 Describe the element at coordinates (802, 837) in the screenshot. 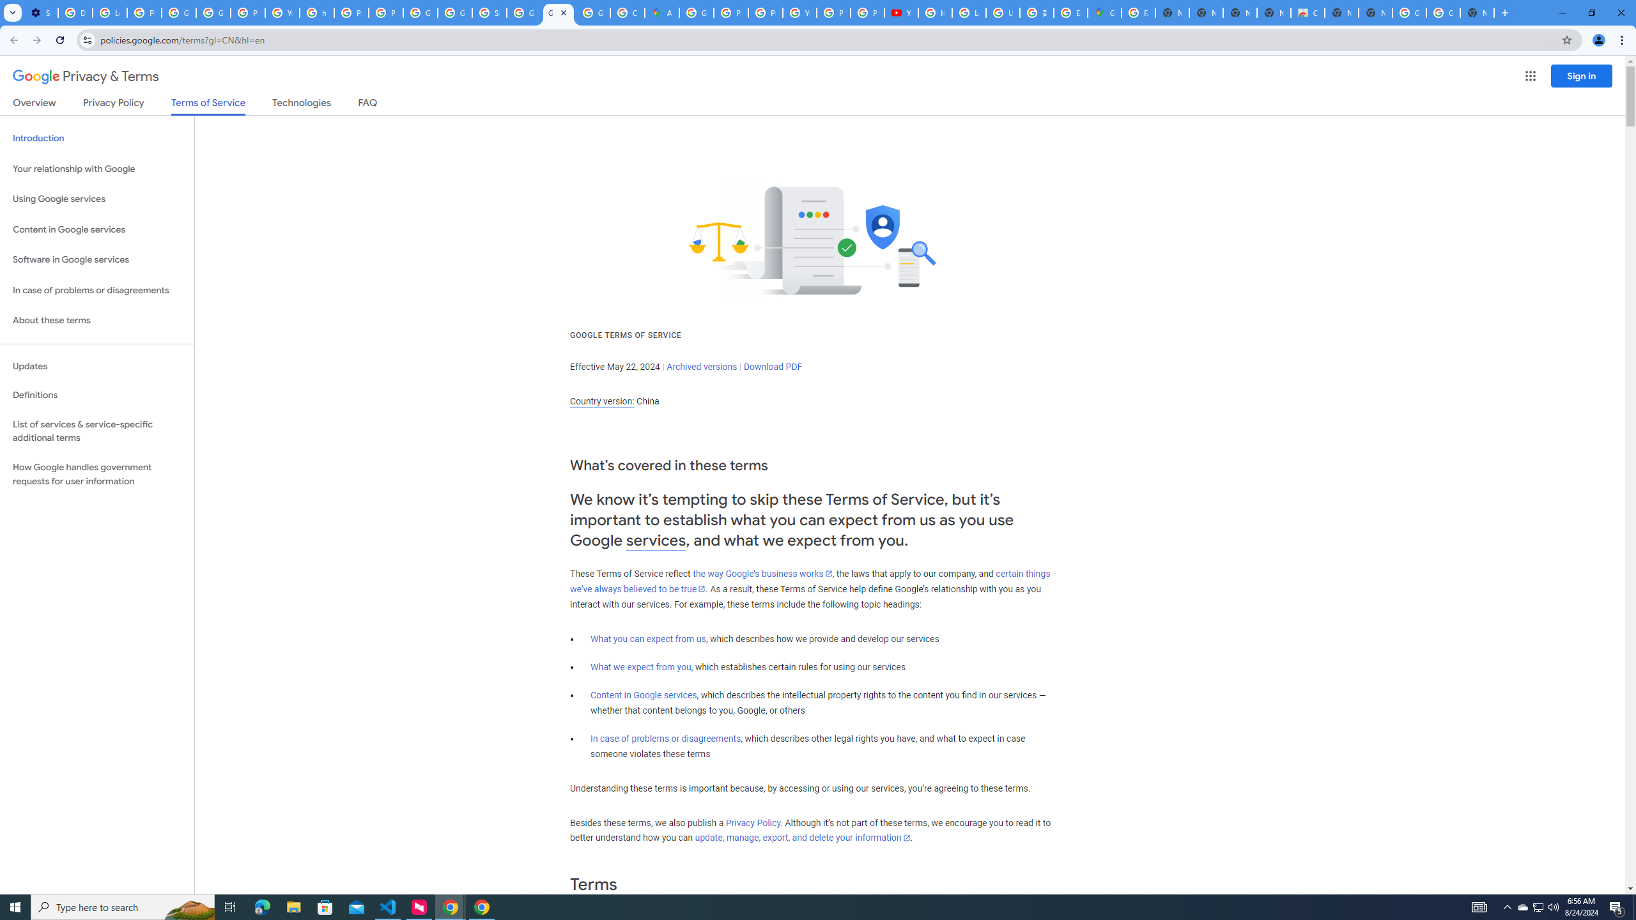

I see `'update, manage, export, and delete your information'` at that location.